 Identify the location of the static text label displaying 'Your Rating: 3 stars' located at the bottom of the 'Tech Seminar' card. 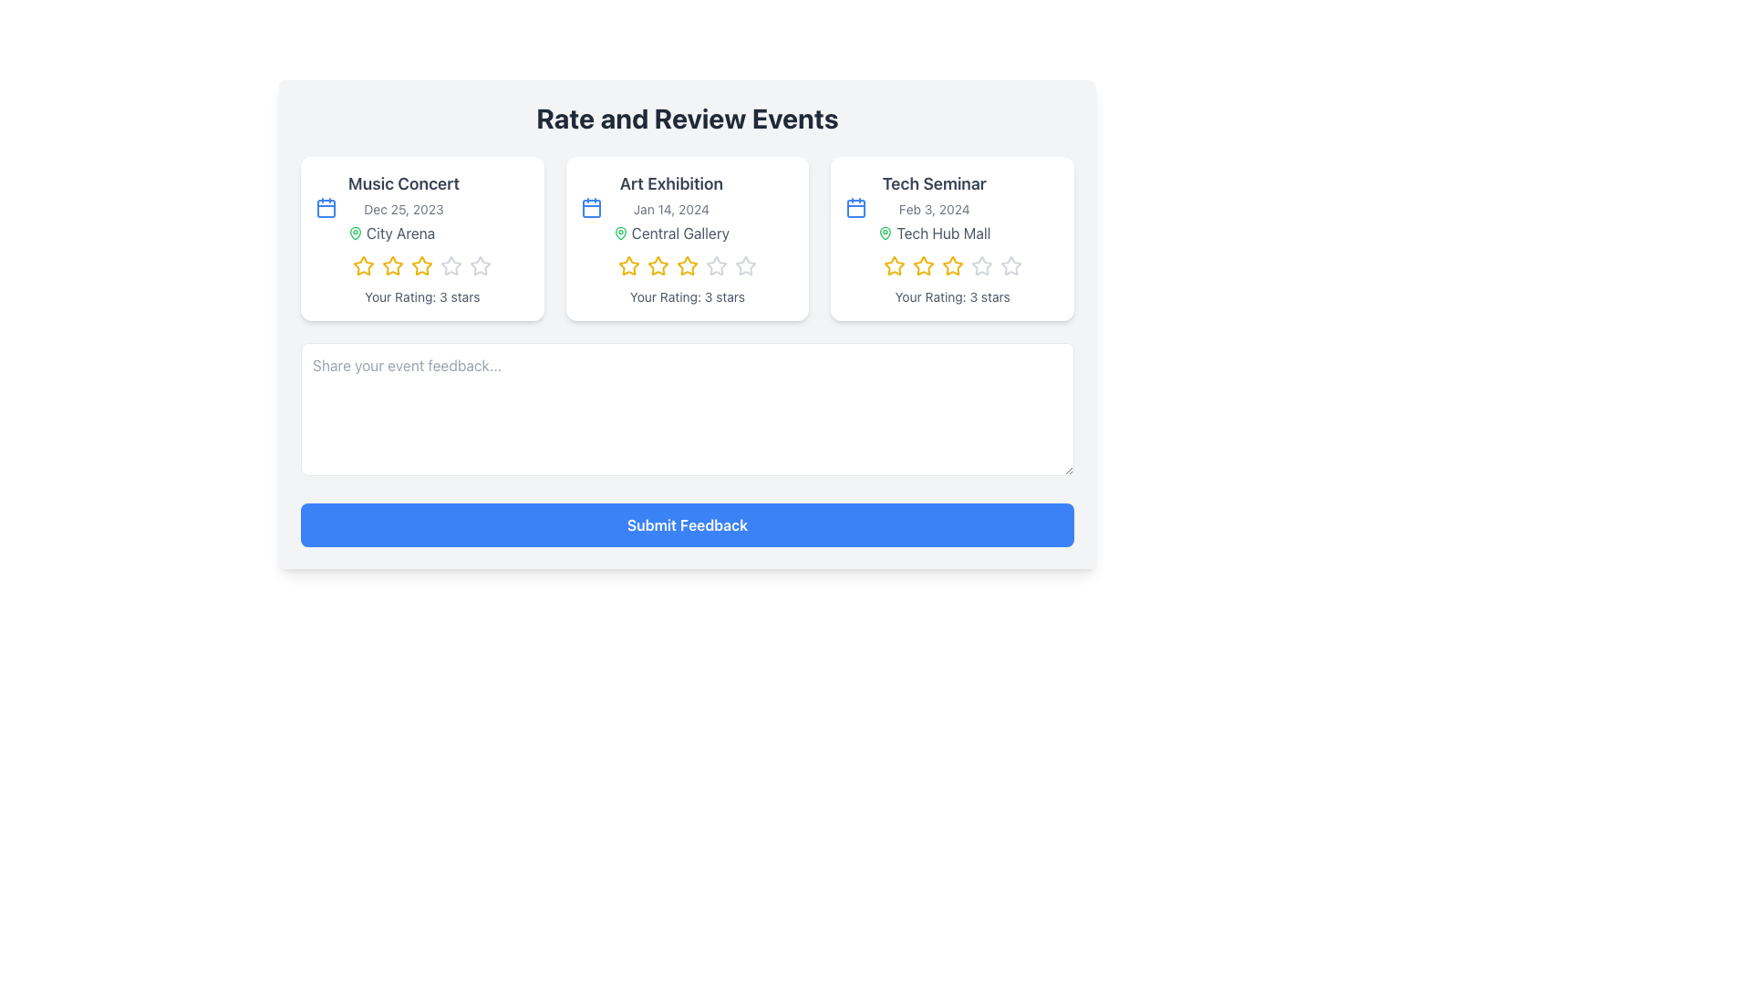
(951, 296).